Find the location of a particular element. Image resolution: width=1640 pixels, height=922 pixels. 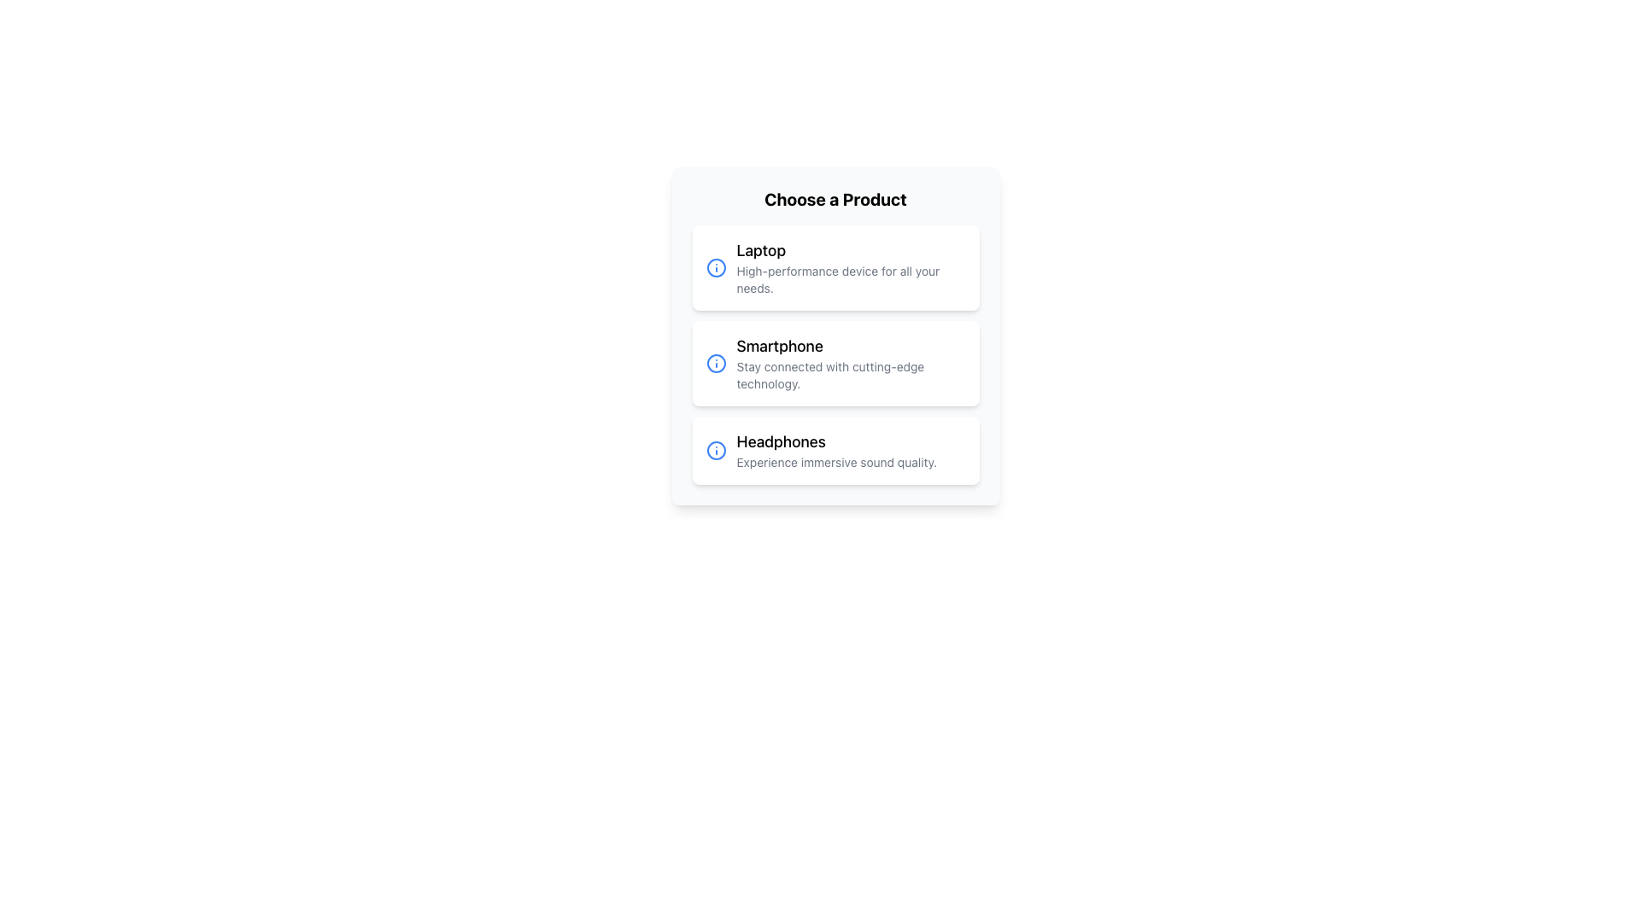

the circular graphical element within the SVG that is part of the 'Smartphone' option, located to the left of the text content in the second item of the list is located at coordinates (716, 362).